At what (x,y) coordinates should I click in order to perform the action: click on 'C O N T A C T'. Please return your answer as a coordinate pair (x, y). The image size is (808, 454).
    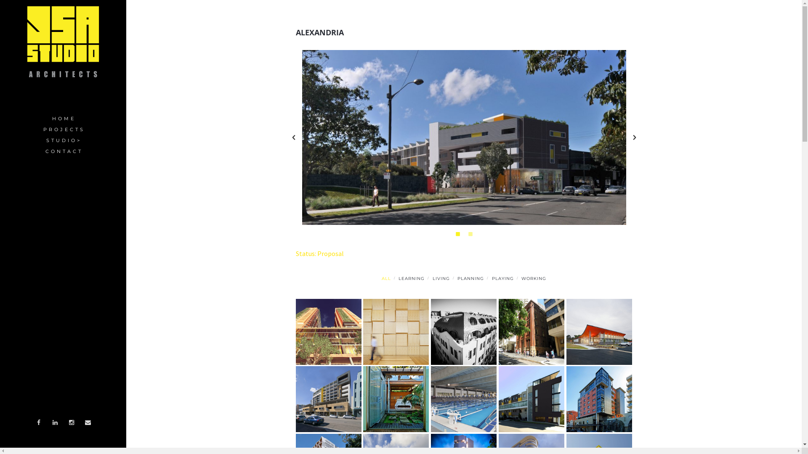
    Looking at the image, I should click on (62, 152).